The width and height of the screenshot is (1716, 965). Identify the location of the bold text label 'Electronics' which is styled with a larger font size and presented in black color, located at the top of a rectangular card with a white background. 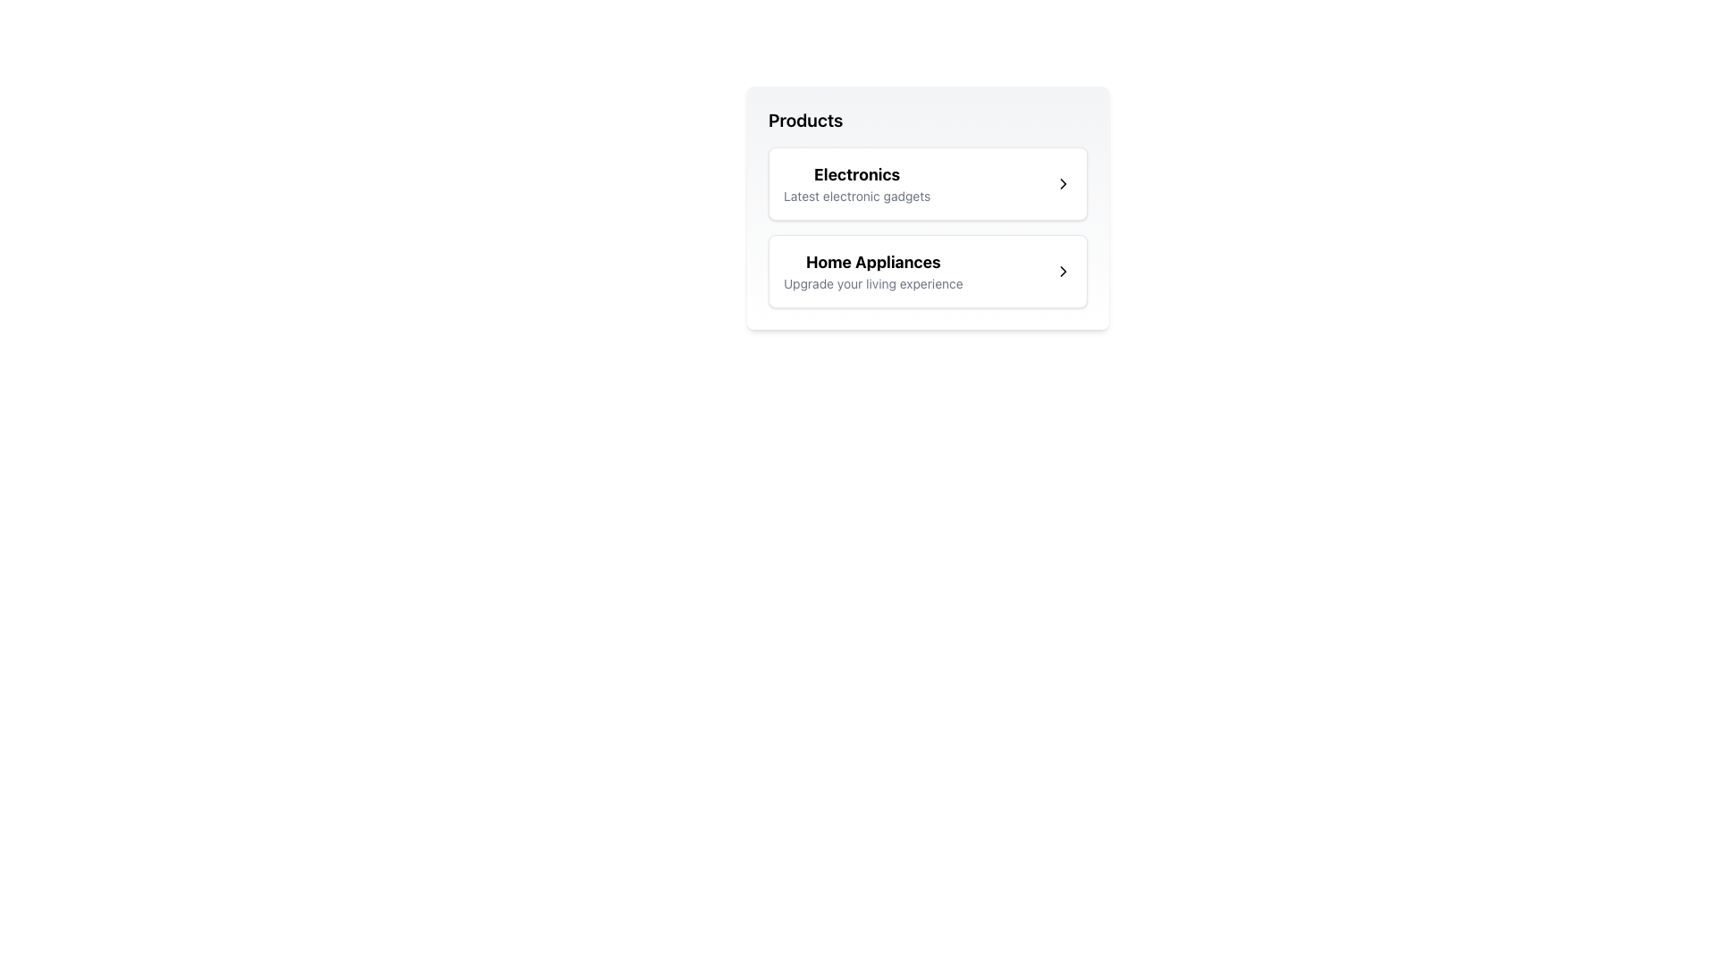
(856, 175).